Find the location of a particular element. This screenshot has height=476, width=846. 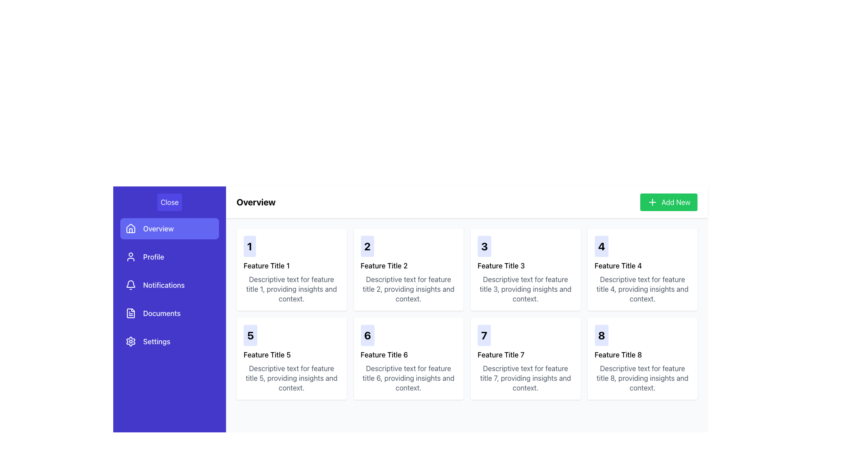

the label displaying 'Feature Title 5' which is positioned below the number '5' and above its descriptive paragraph in the card layout is located at coordinates (267, 354).